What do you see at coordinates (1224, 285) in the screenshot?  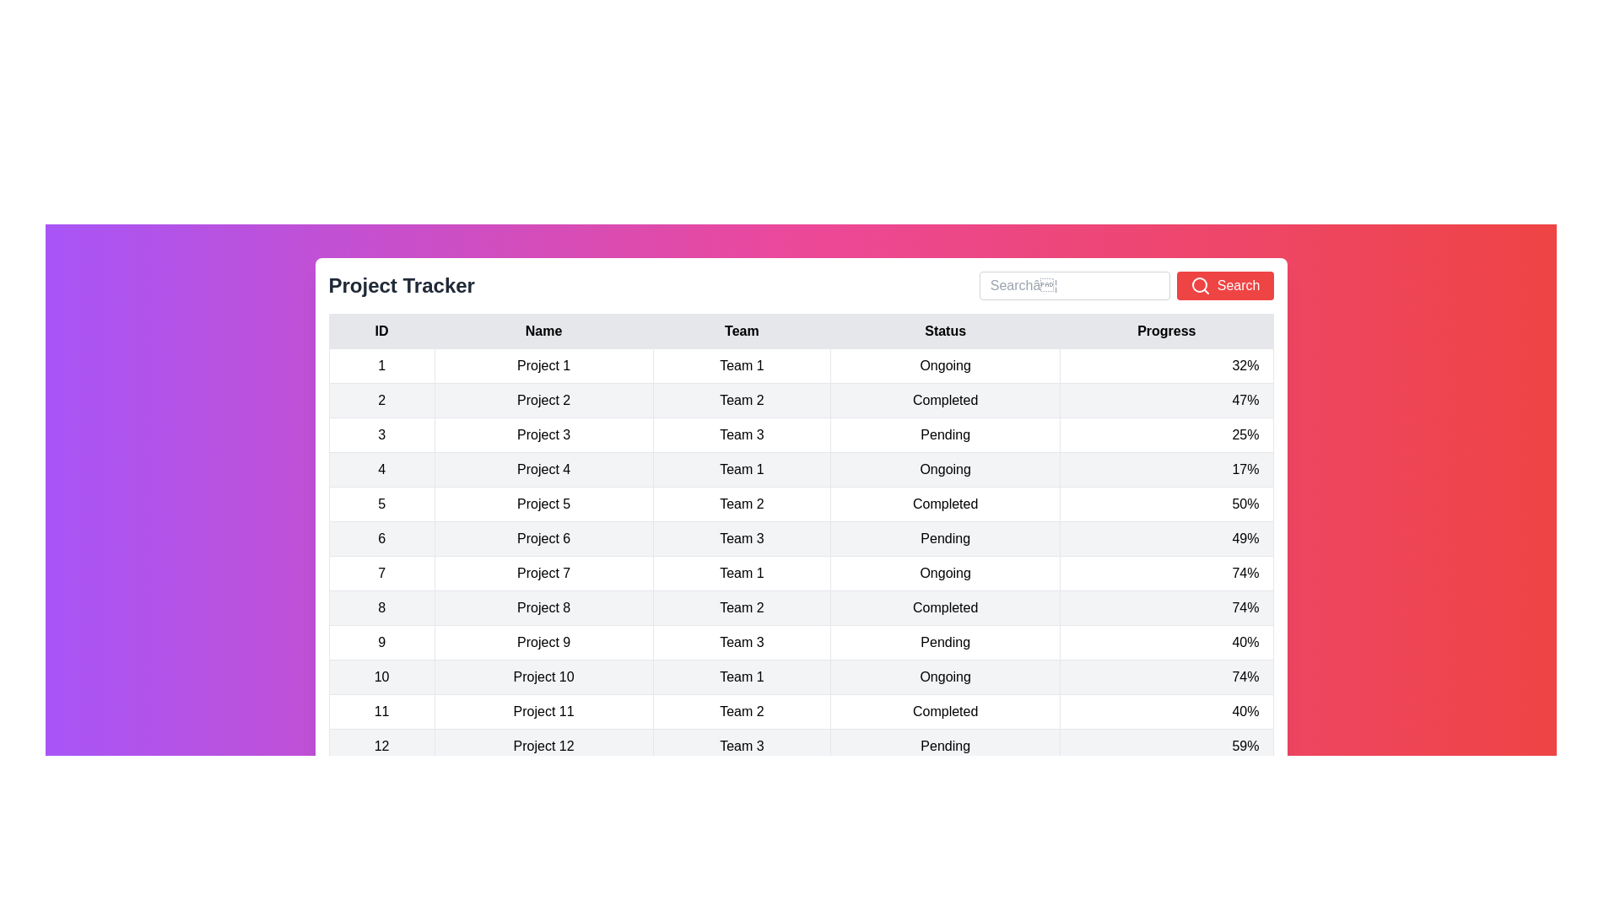 I see `'Search' button to perform a search` at bounding box center [1224, 285].